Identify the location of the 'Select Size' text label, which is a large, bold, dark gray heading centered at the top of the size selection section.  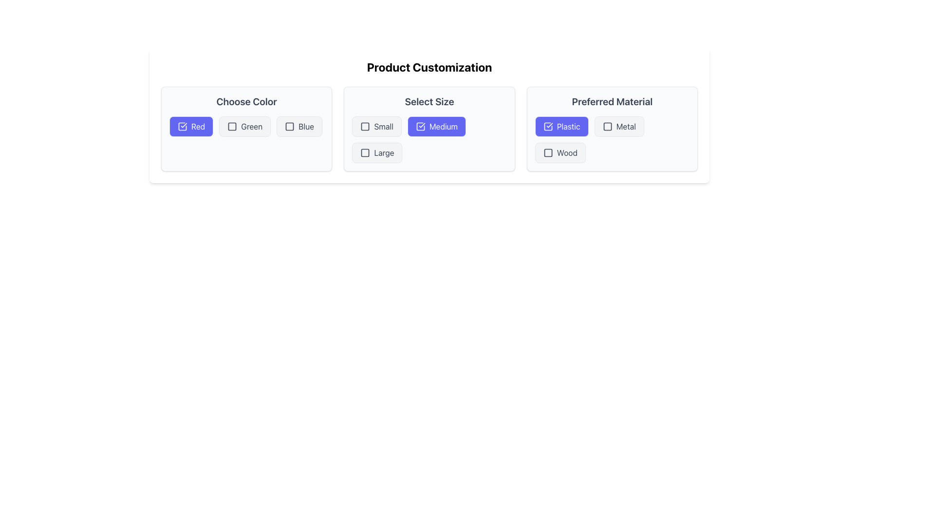
(429, 101).